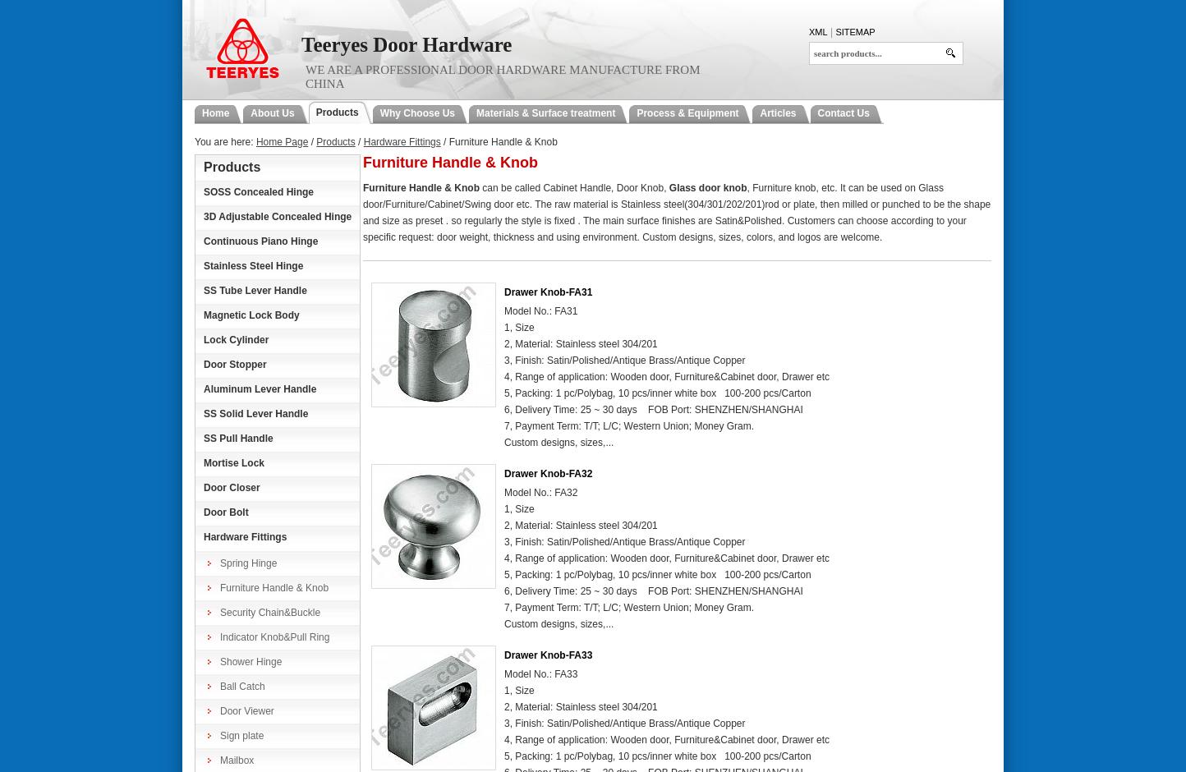  Describe the element at coordinates (242, 686) in the screenshot. I see `'Ball Catch'` at that location.